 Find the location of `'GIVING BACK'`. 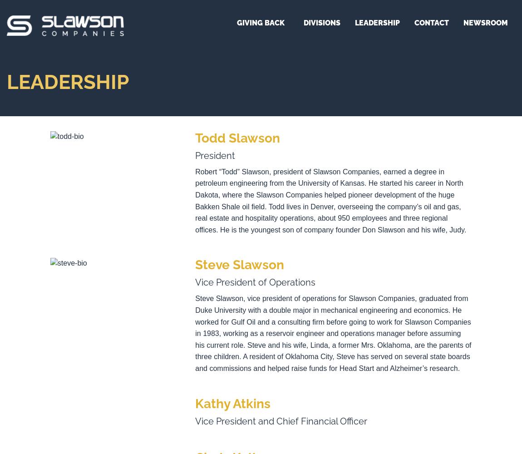

'GIVING BACK' is located at coordinates (261, 23).